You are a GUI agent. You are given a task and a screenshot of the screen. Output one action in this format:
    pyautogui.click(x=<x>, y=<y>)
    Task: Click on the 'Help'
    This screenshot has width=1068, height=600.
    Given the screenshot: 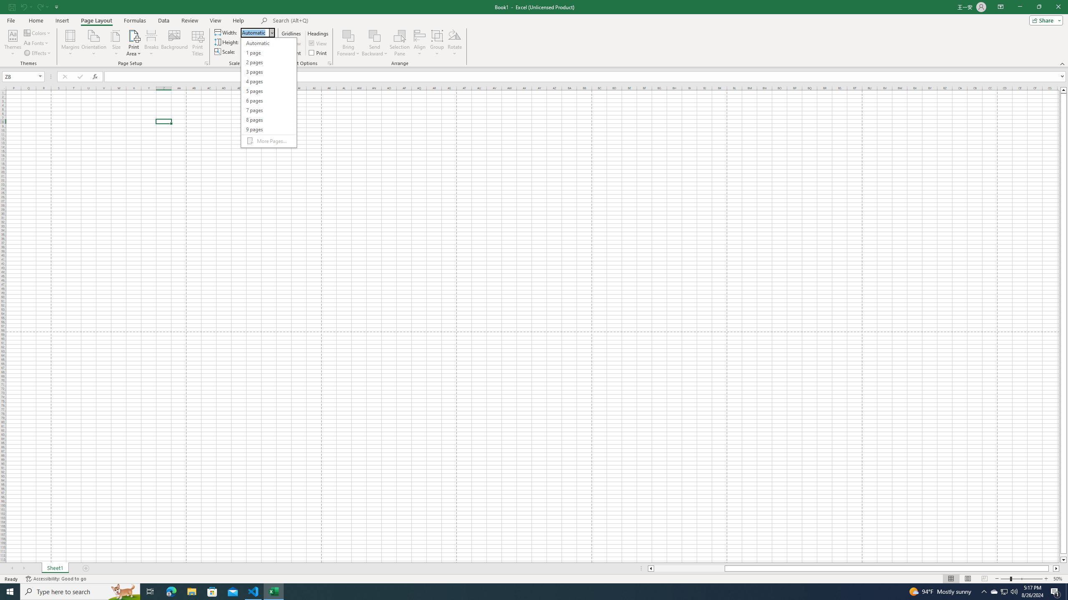 What is the action you would take?
    pyautogui.click(x=238, y=20)
    